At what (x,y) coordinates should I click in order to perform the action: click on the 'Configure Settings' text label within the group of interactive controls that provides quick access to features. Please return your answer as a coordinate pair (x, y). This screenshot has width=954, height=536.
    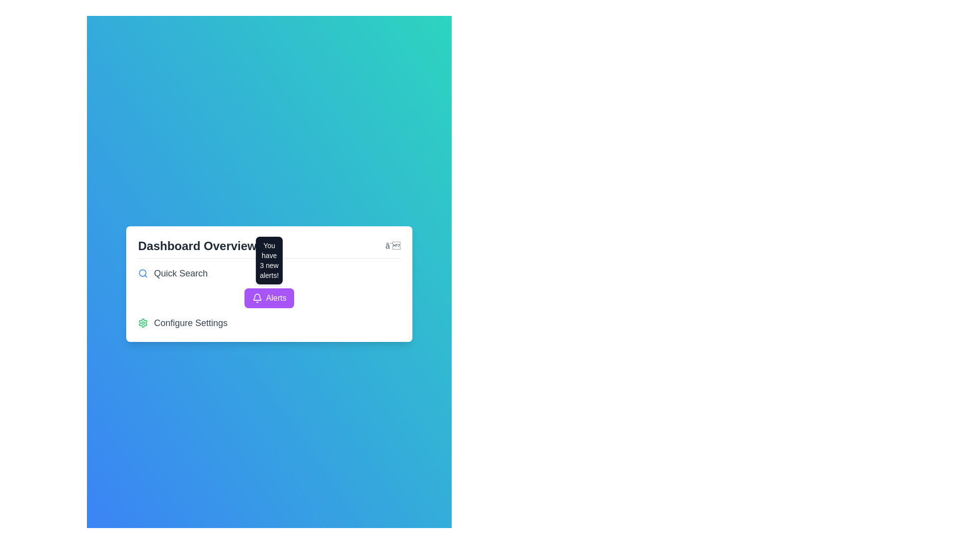
    Looking at the image, I should click on (269, 297).